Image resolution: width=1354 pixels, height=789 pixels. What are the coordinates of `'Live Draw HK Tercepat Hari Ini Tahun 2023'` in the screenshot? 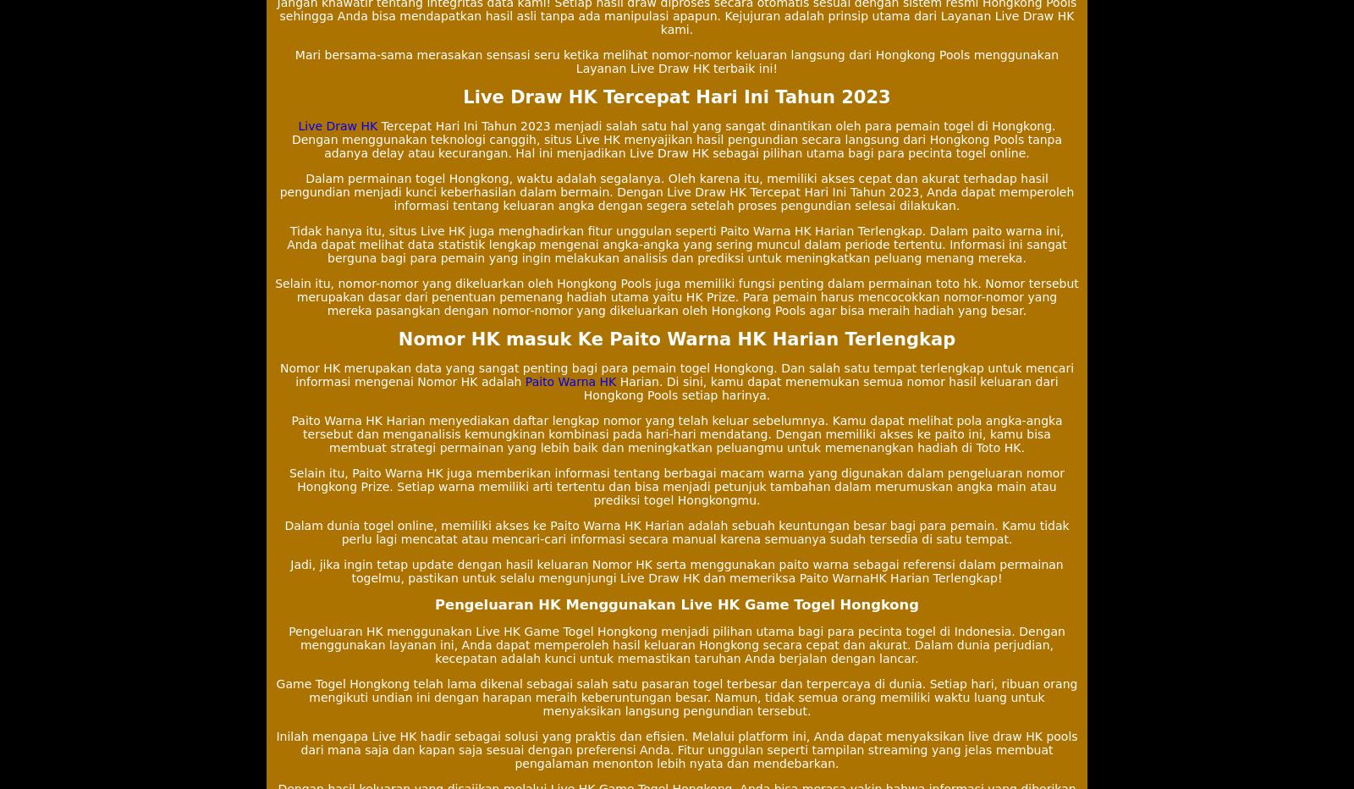 It's located at (676, 97).